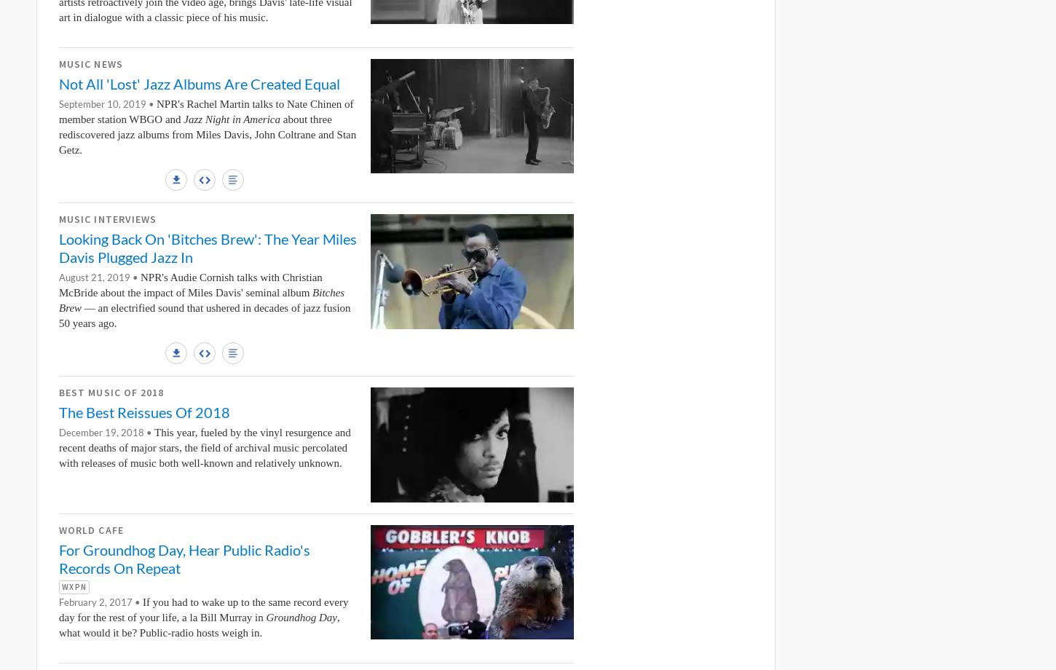  I want to click on 'NPR's Audie Cornish talks with Christian McBride about the impact of Miles Davis' seminal album', so click(190, 284).